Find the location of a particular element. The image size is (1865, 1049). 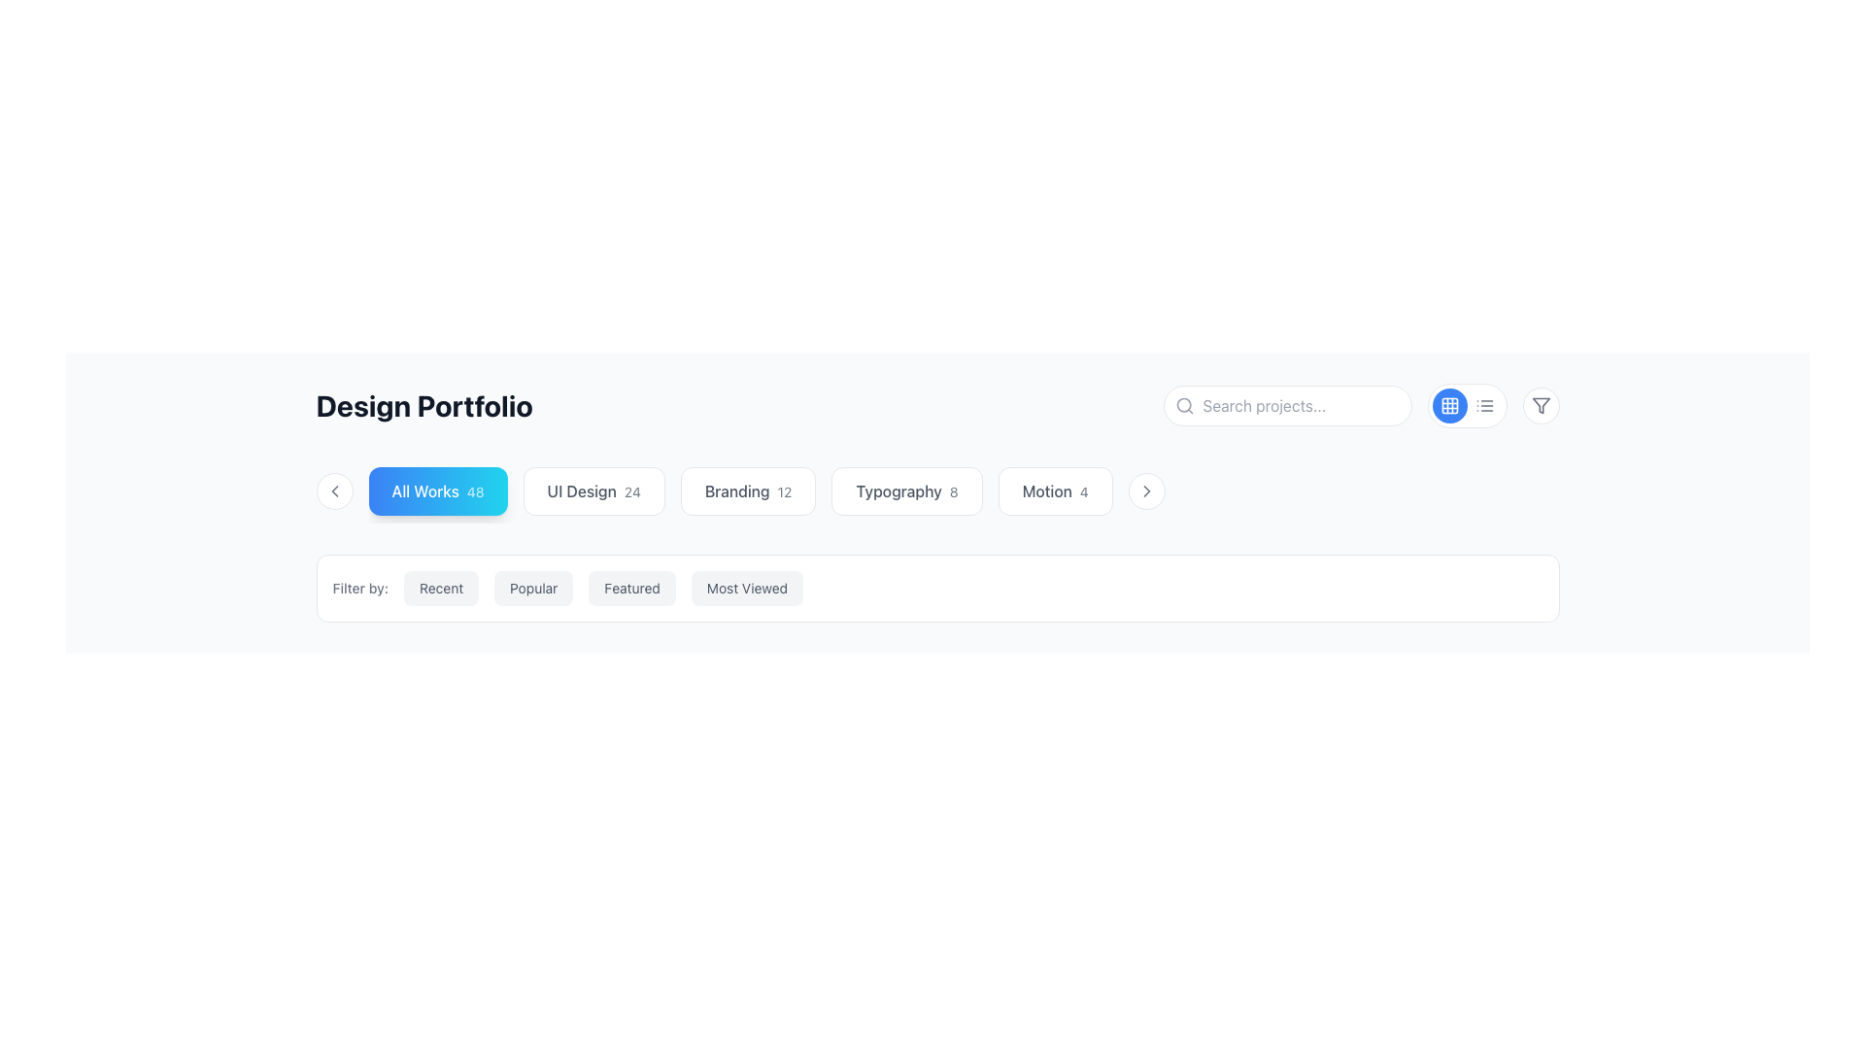

the filter button located at the top-right of the page, which is the rightmost button in a row of interactive buttons, to change the icon color and indicate interactivity is located at coordinates (1540, 404).